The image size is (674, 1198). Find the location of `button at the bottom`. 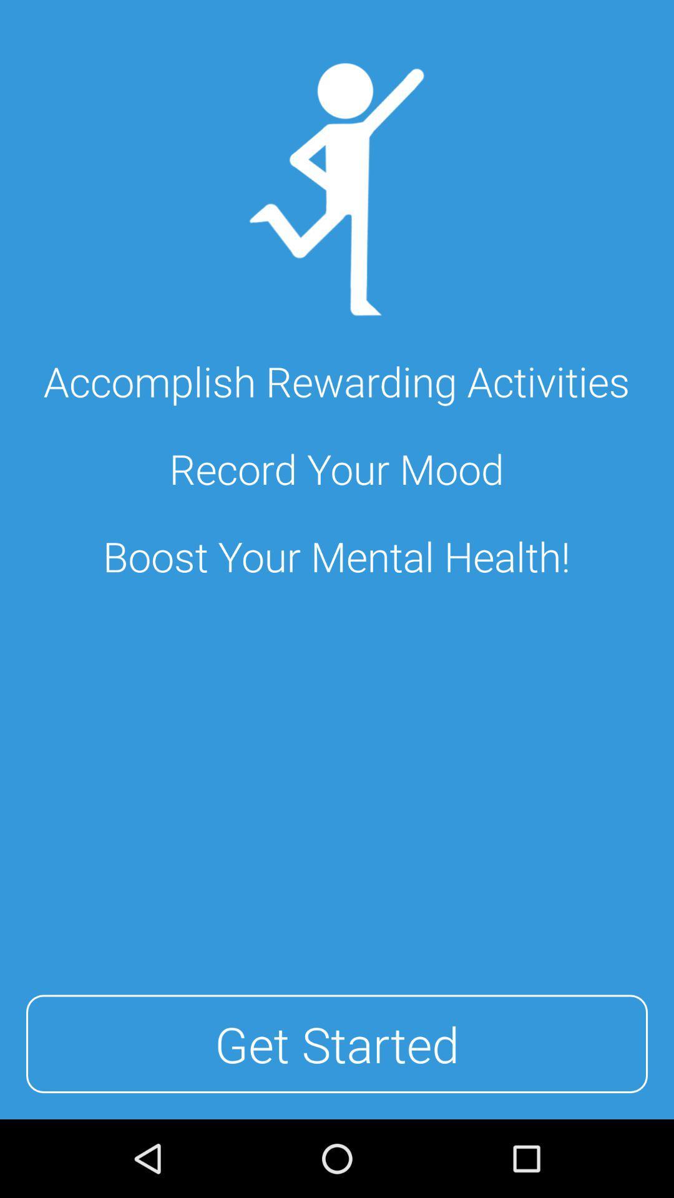

button at the bottom is located at coordinates (337, 1044).